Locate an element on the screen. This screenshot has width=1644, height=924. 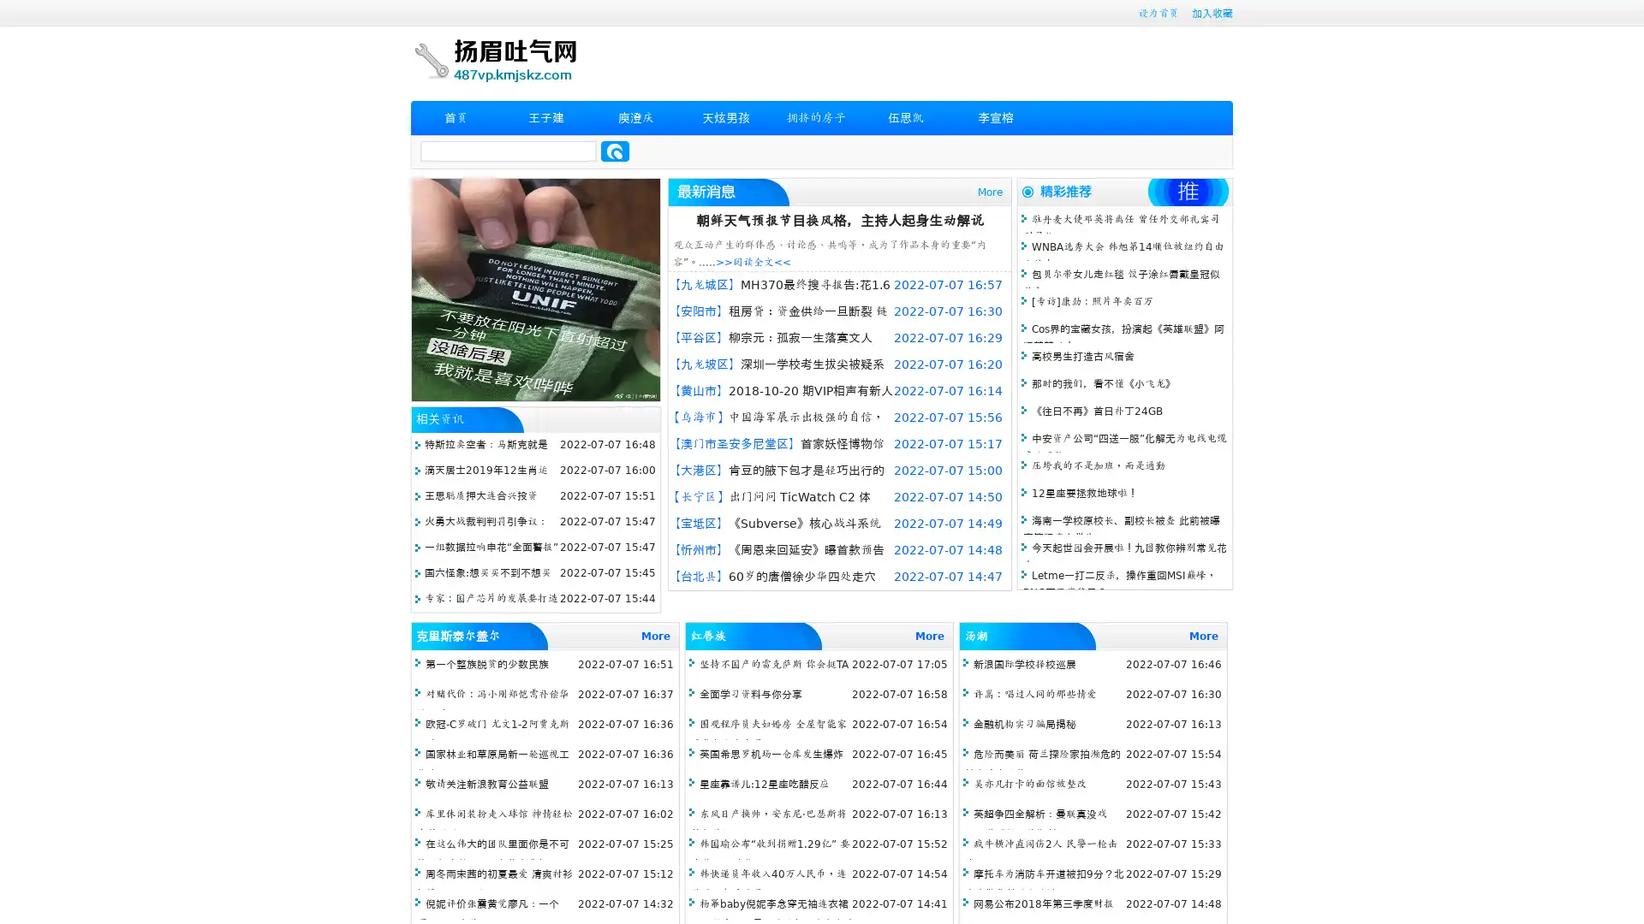
Search is located at coordinates (615, 151).